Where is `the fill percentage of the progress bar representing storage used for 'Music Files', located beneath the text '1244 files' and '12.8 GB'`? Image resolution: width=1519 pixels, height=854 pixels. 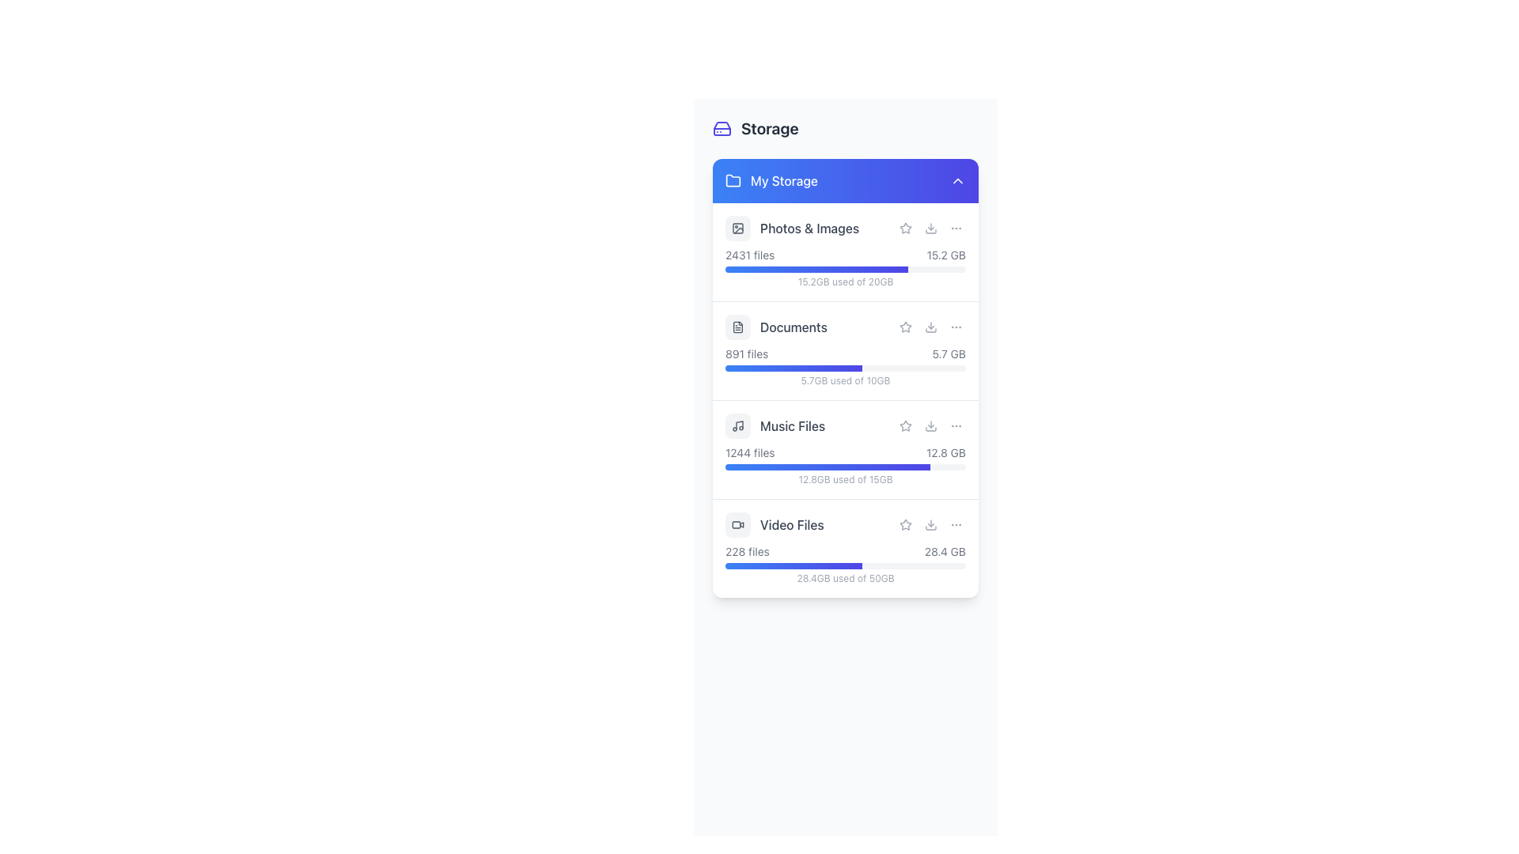 the fill percentage of the progress bar representing storage used for 'Music Files', located beneath the text '1244 files' and '12.8 GB' is located at coordinates (845, 466).